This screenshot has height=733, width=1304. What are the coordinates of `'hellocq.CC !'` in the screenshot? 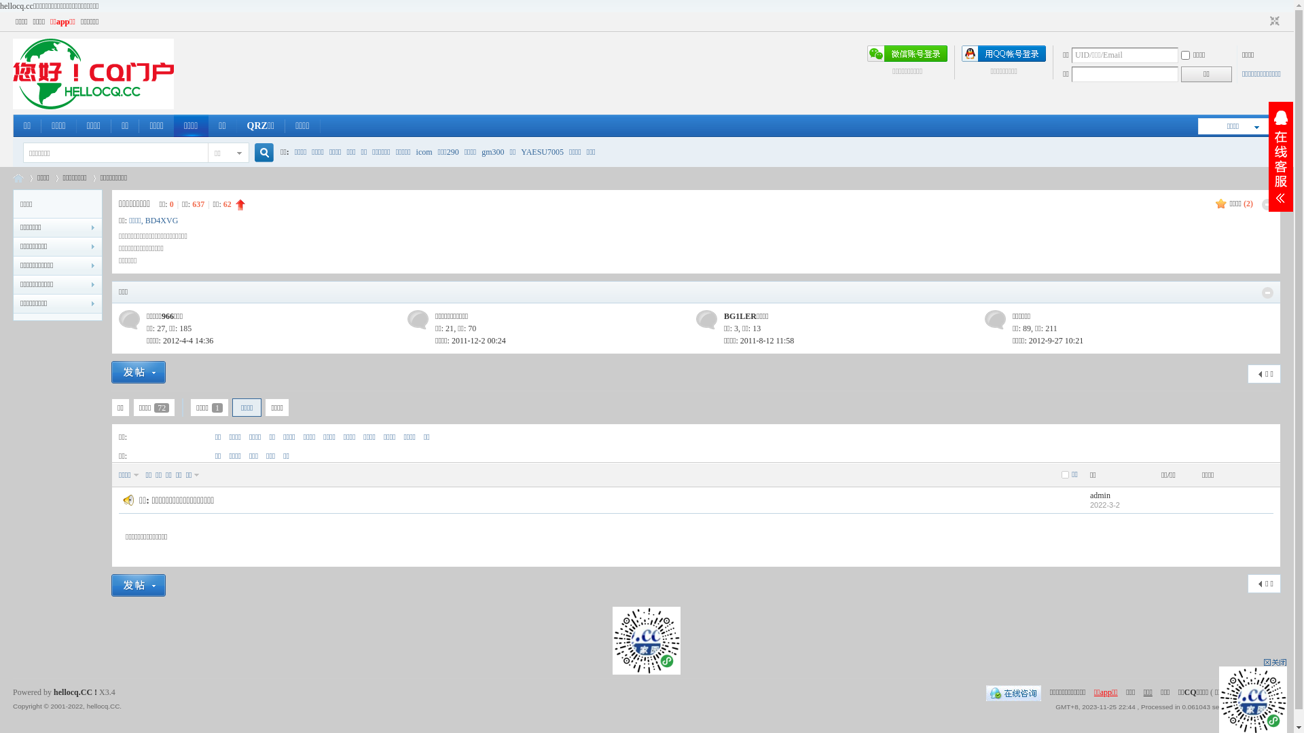 It's located at (53, 692).